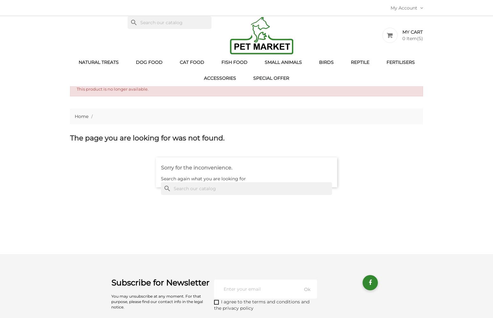 Image resolution: width=493 pixels, height=318 pixels. What do you see at coordinates (404, 38) in the screenshot?
I see `'0'` at bounding box center [404, 38].